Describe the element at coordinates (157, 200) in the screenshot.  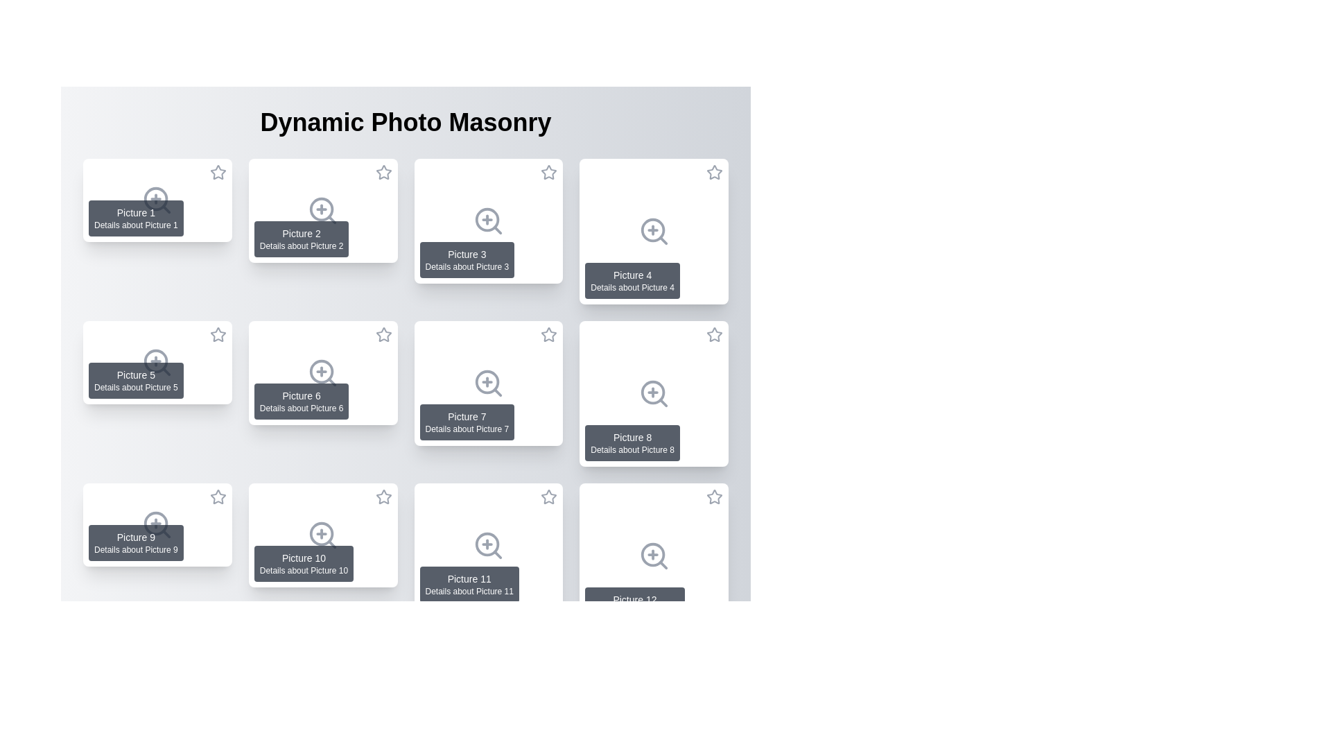
I see `the first grid card` at that location.